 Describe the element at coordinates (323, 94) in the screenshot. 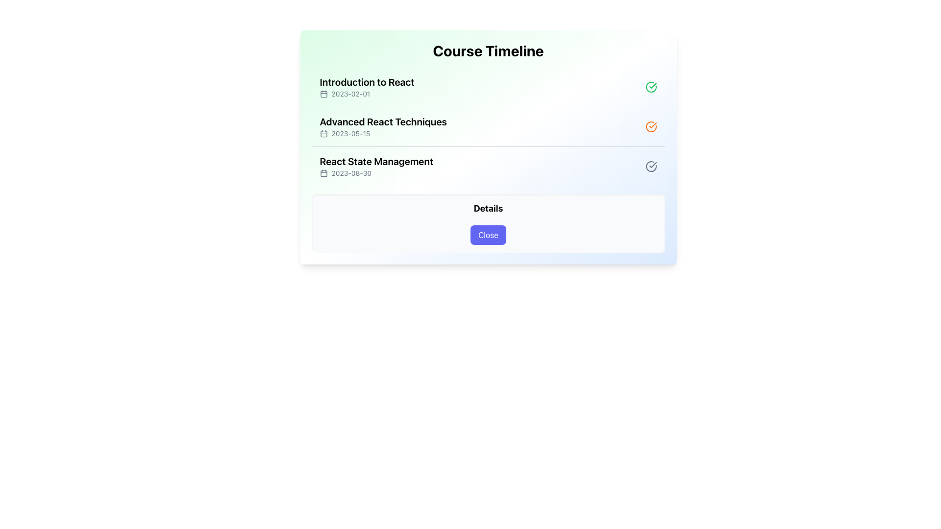

I see `the decorative shape within the calendar icon, which is located to the left of the 'Introduction to React' course title in the list view` at that location.